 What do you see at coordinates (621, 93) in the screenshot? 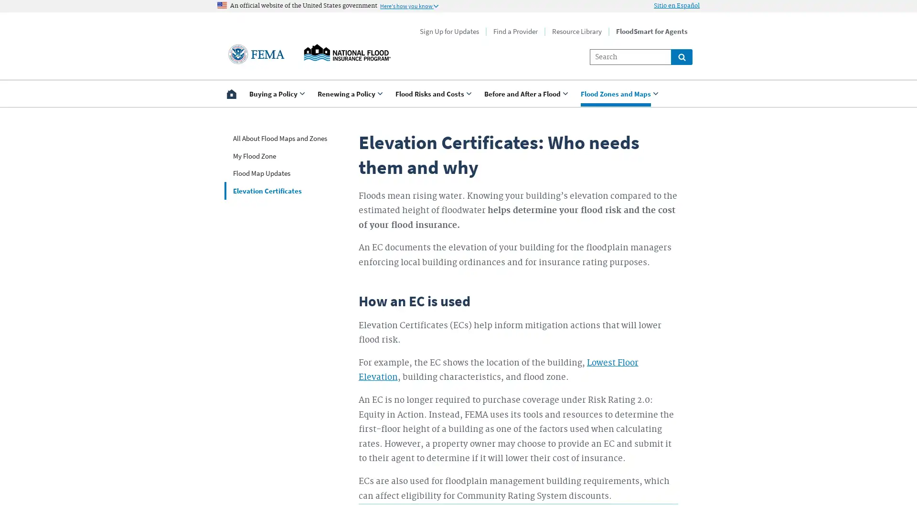
I see `Use <enter> and shift + <enter> to open and close the drop down to sub-menus` at bounding box center [621, 93].